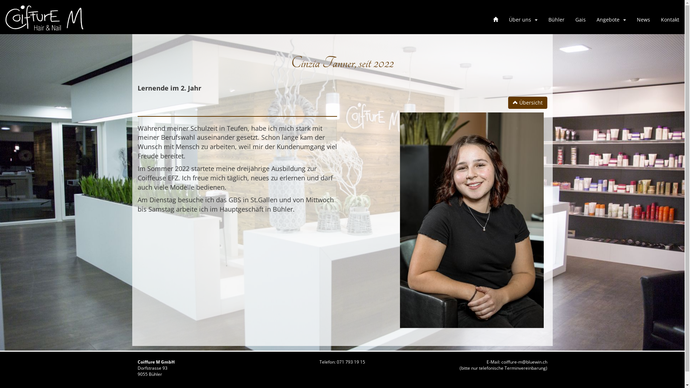  I want to click on 'Kontakt', so click(670, 19).